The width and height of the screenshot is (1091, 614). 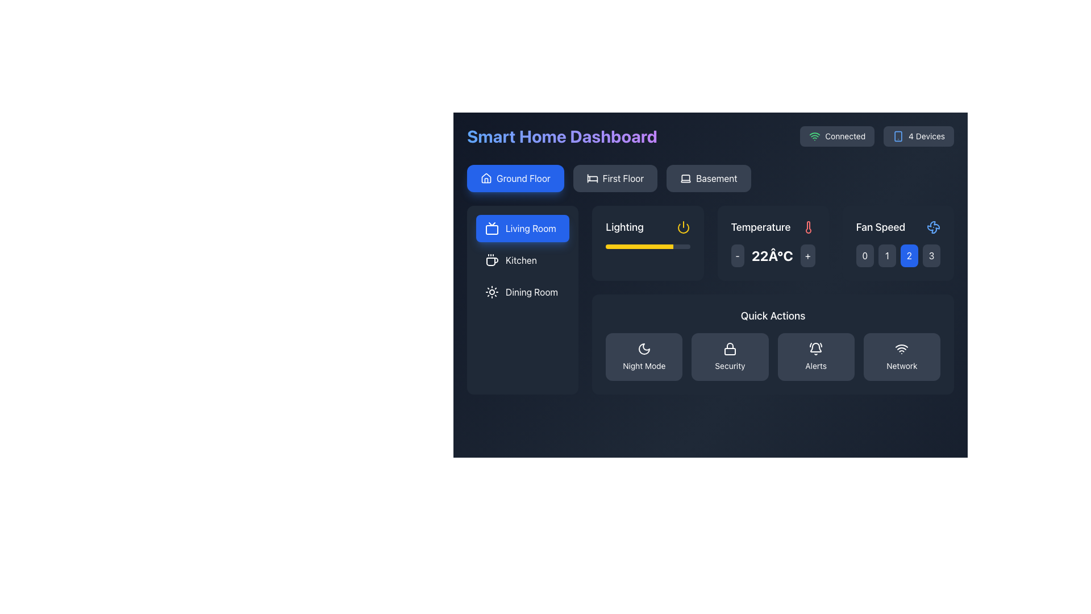 I want to click on the crescent moon icon located above the 'Night Mode' text label in the 'Quick Actions' section, so click(x=644, y=348).